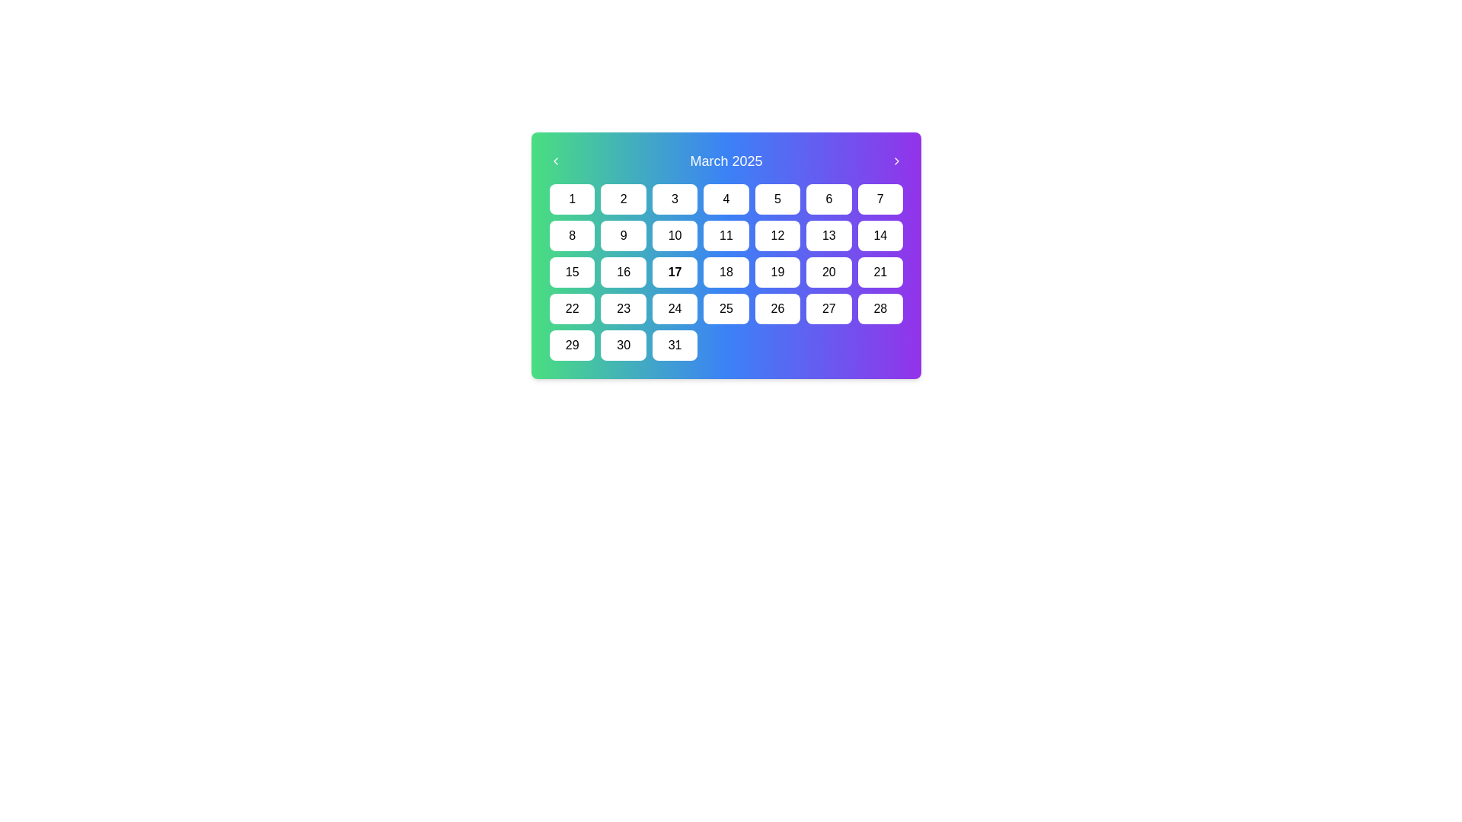 This screenshot has height=822, width=1462. Describe the element at coordinates (674, 272) in the screenshot. I see `the clickable calendar day cell representing the 17th day in the calendar month` at that location.